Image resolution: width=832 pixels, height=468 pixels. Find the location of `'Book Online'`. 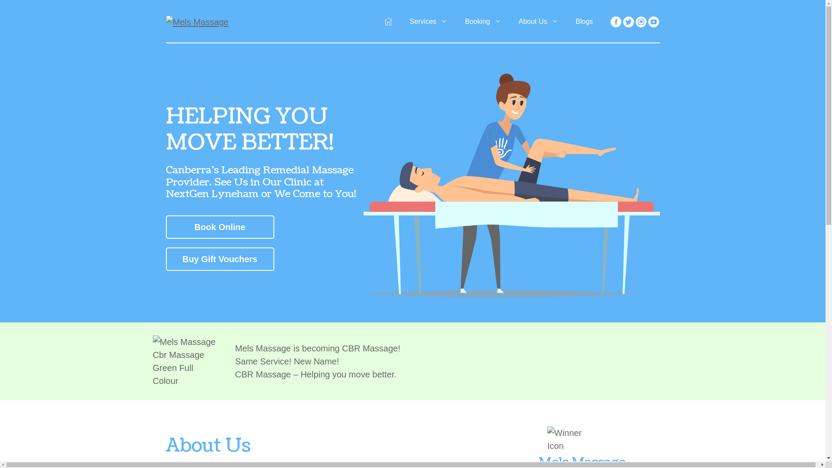

'Book Online' is located at coordinates (220, 227).